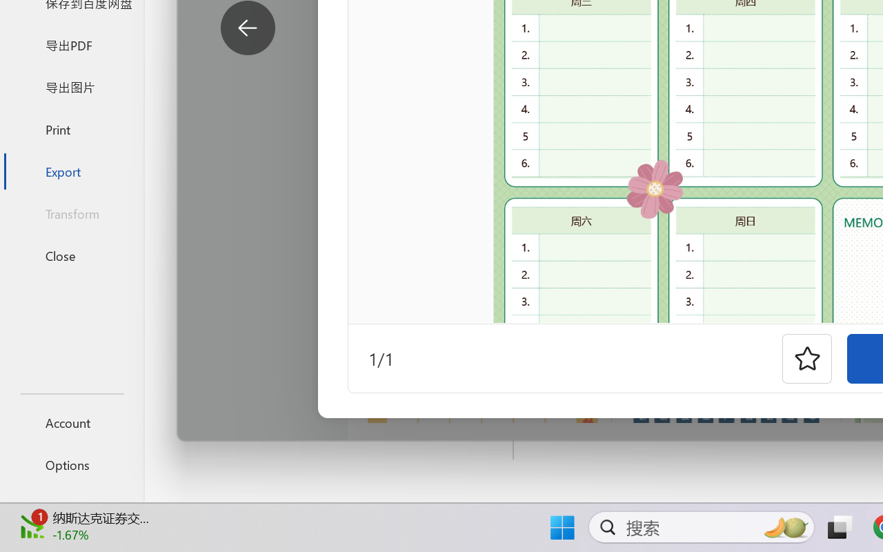 The width and height of the screenshot is (883, 552). Describe the element at coordinates (71, 422) in the screenshot. I see `'Account'` at that location.